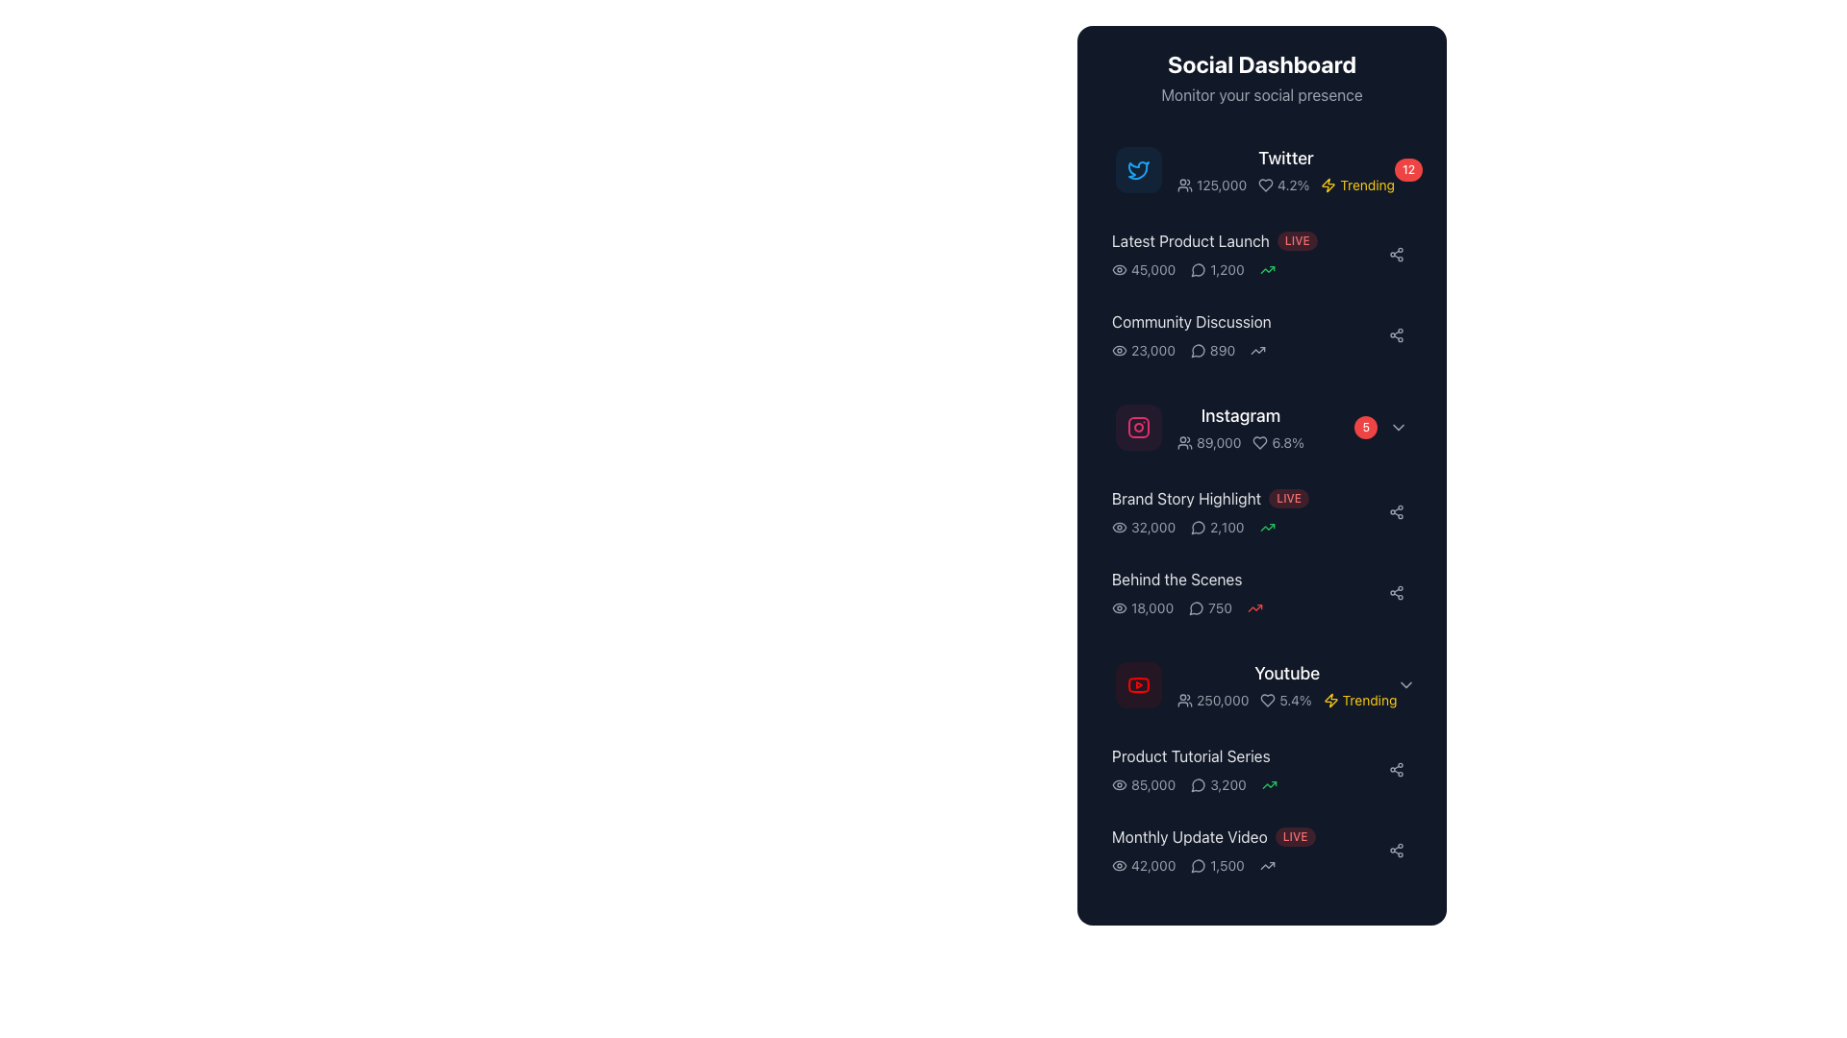 This screenshot has width=1847, height=1038. What do you see at coordinates (1208, 443) in the screenshot?
I see `the text label displaying the number of followers located to the right of the group icon and before the percentage statistic ('6.8%') in the Social Dashboard interface` at bounding box center [1208, 443].